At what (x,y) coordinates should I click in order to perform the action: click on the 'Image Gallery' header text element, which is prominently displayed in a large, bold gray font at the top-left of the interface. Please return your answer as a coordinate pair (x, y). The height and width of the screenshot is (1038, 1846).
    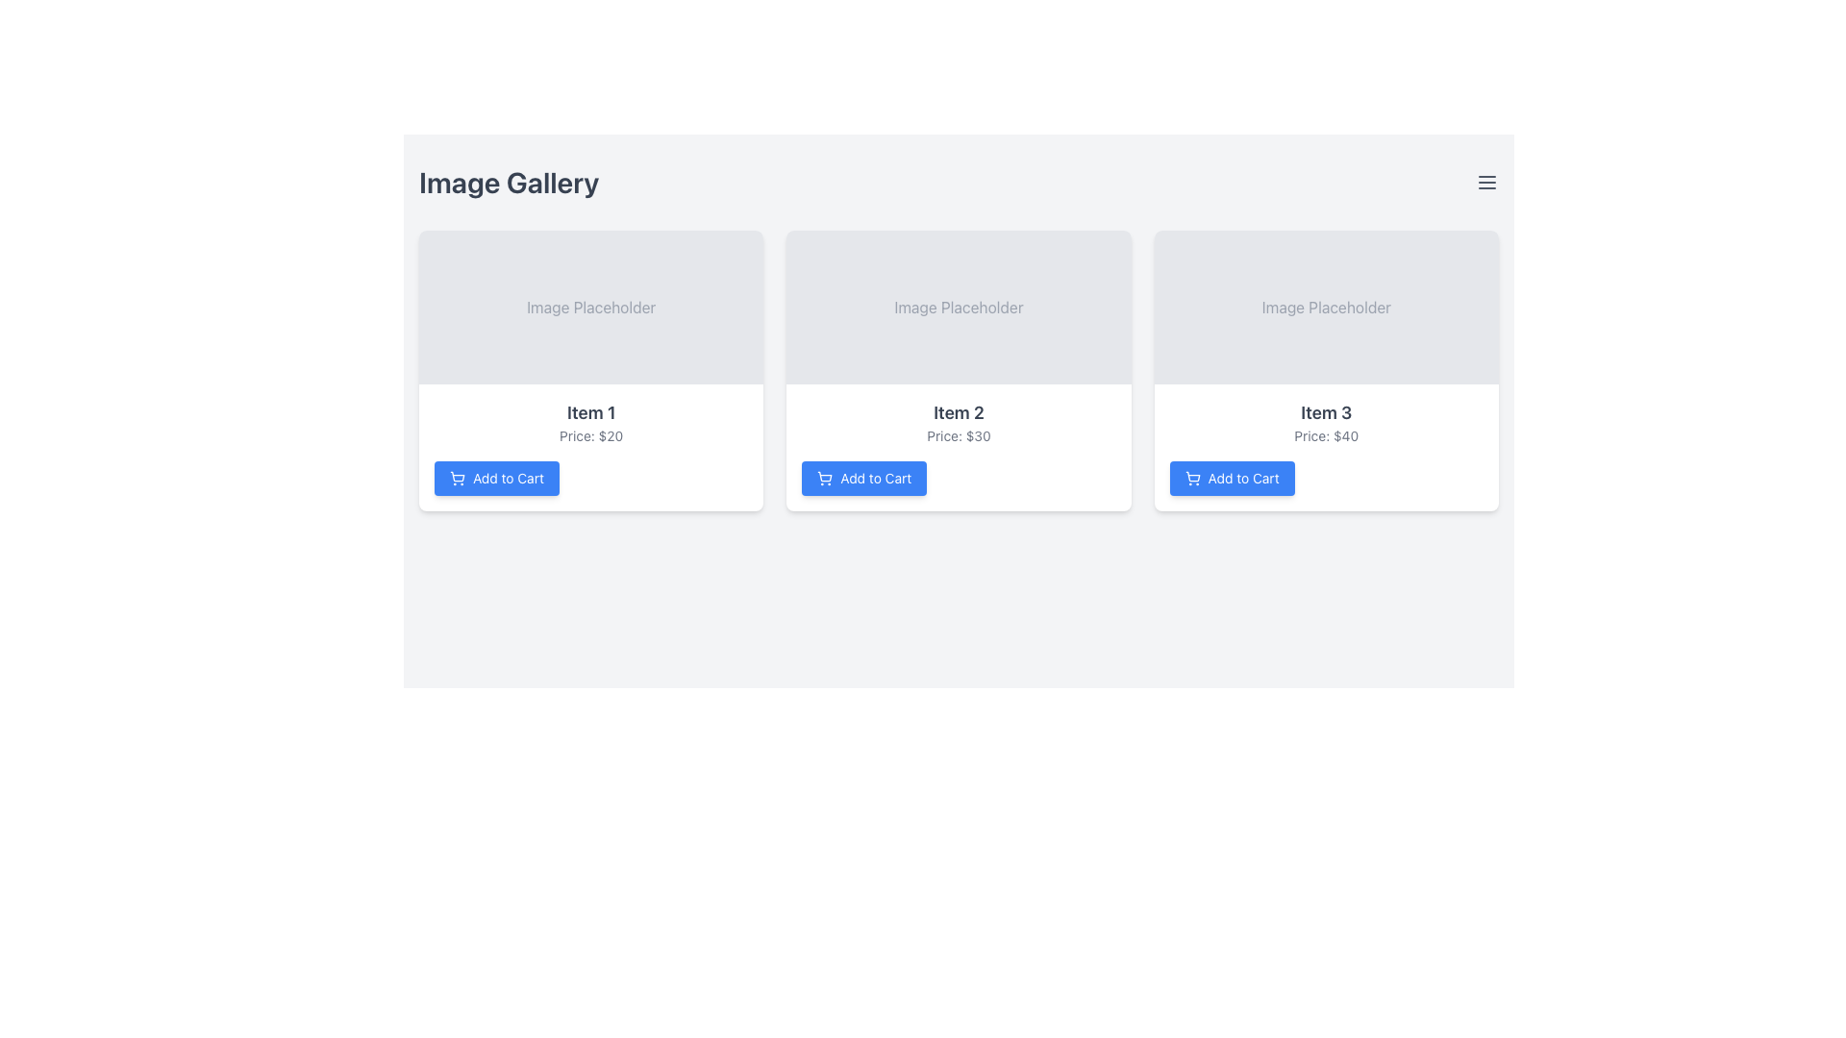
    Looking at the image, I should click on (509, 182).